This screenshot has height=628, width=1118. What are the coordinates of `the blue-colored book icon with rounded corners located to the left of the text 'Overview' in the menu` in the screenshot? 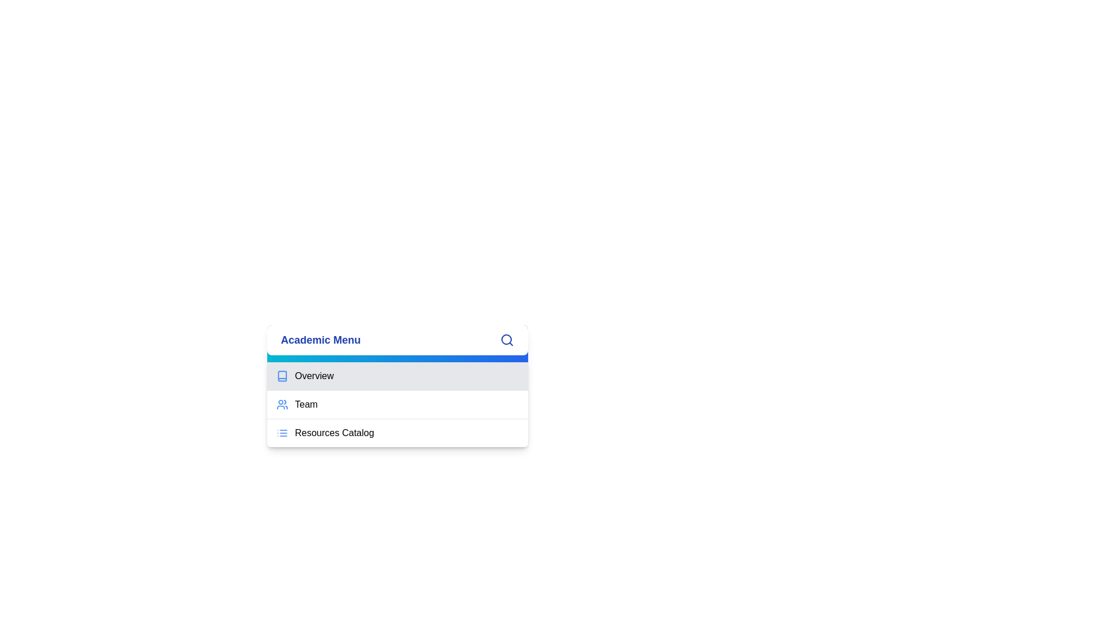 It's located at (282, 376).